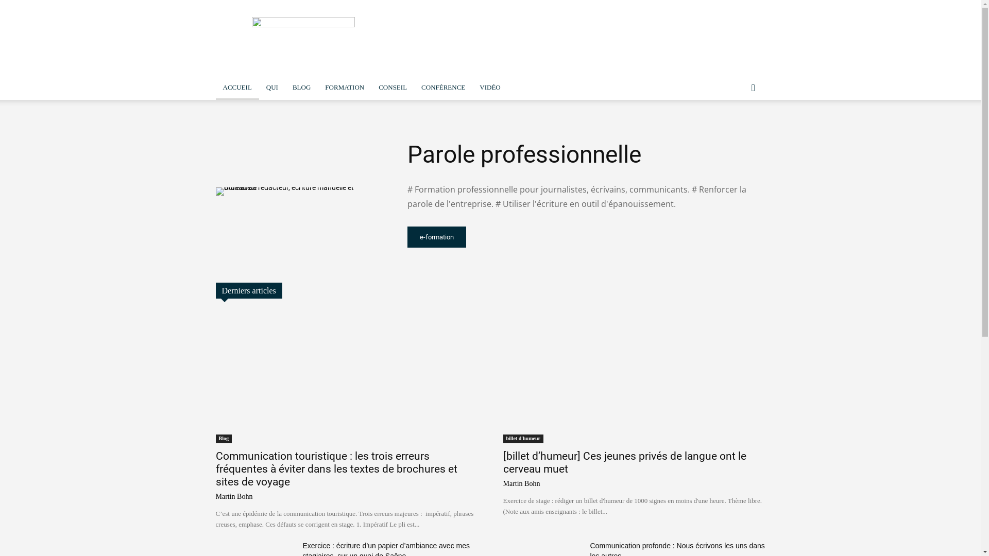 The image size is (989, 556). What do you see at coordinates (371, 86) in the screenshot?
I see `'CONSEIL'` at bounding box center [371, 86].